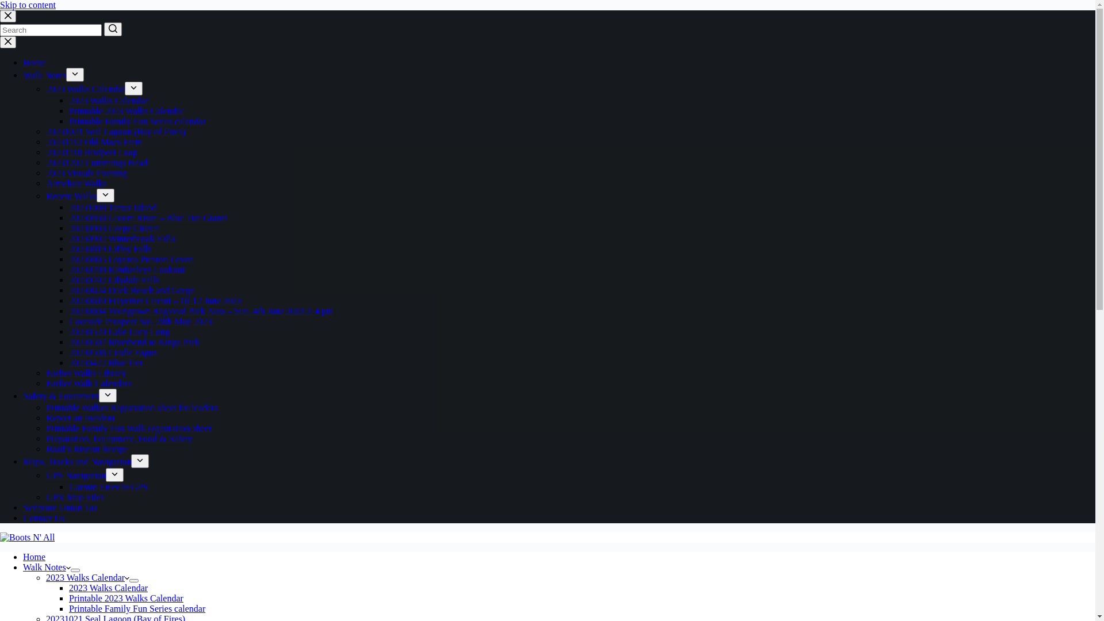  Describe the element at coordinates (85, 172) in the screenshot. I see `'2023 Visuals Evening'` at that location.